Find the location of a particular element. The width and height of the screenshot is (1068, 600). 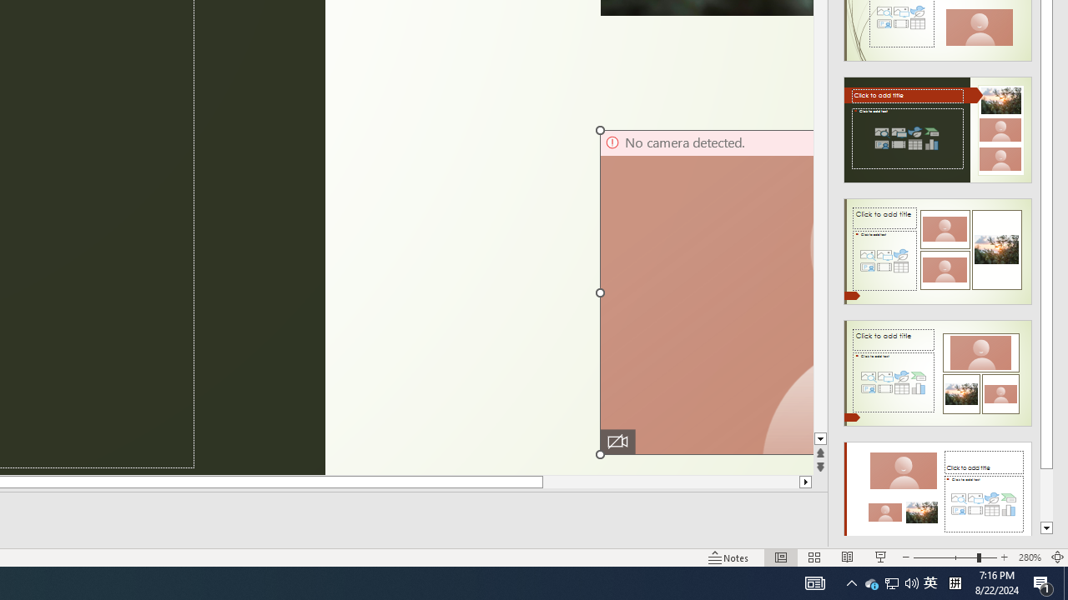

'Camera 13, No camera detected.' is located at coordinates (706, 292).